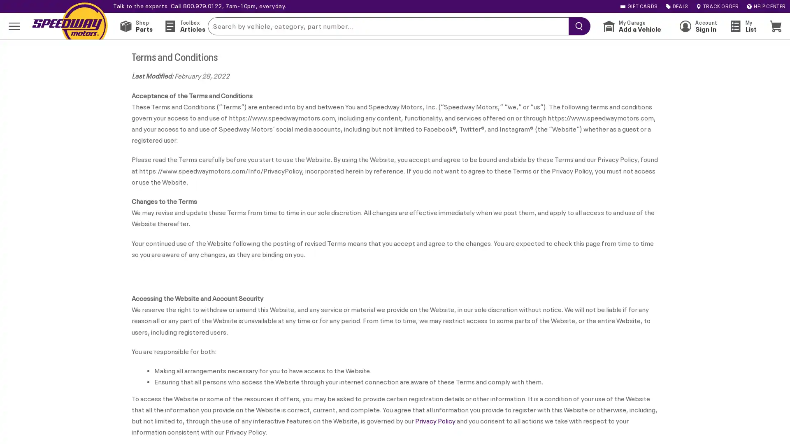  What do you see at coordinates (698, 25) in the screenshot?
I see `Account Sign In` at bounding box center [698, 25].